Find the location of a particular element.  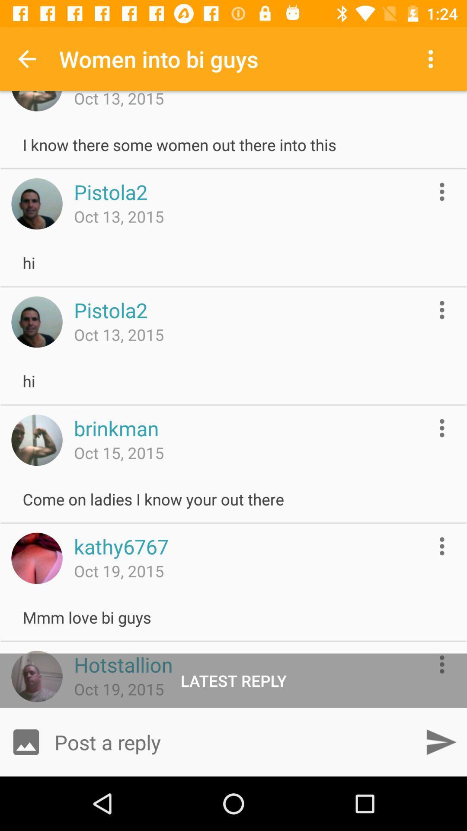

a profile is located at coordinates (36, 440).